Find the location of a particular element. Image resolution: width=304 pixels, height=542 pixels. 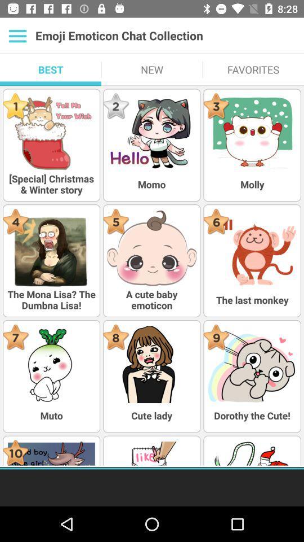

item below emoji emoticon chat icon is located at coordinates (253, 69).